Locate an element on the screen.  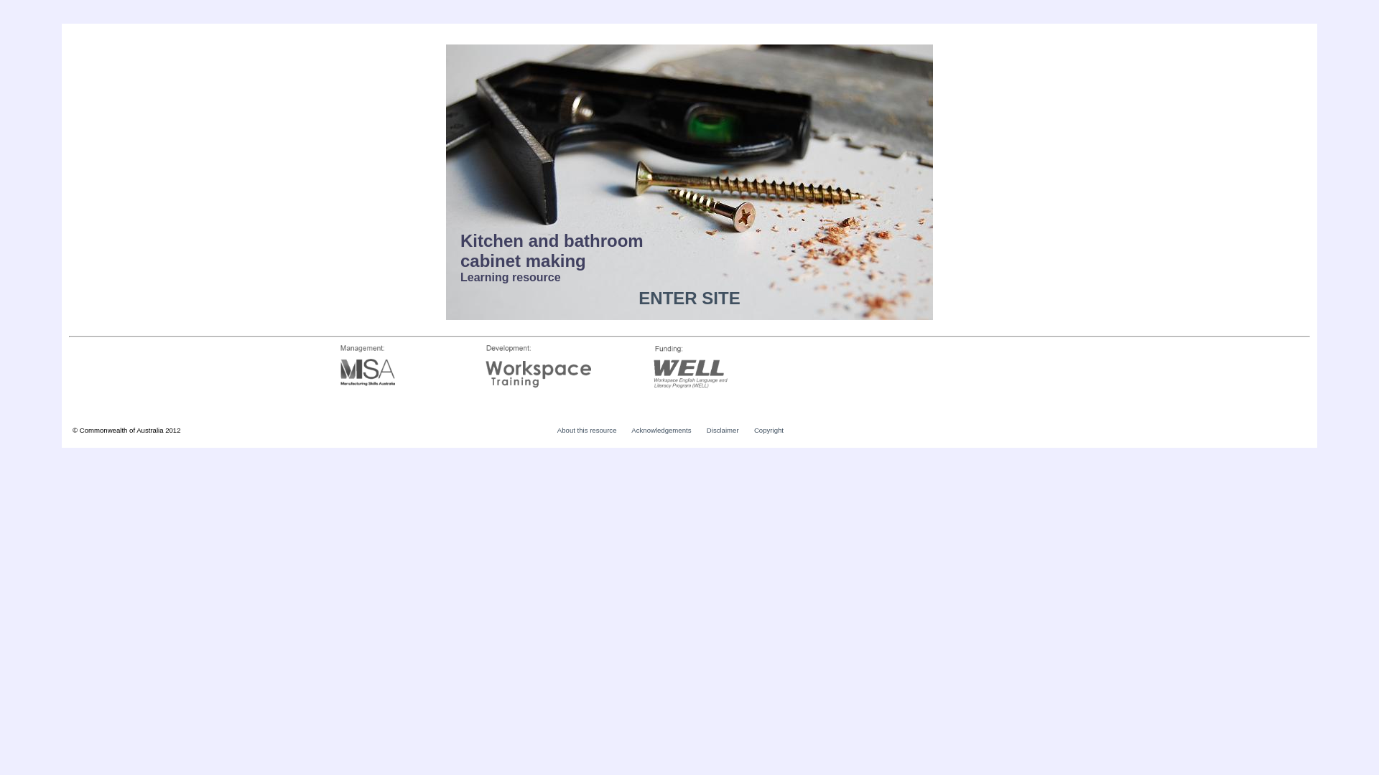
'ENTER SITE' is located at coordinates (688, 297).